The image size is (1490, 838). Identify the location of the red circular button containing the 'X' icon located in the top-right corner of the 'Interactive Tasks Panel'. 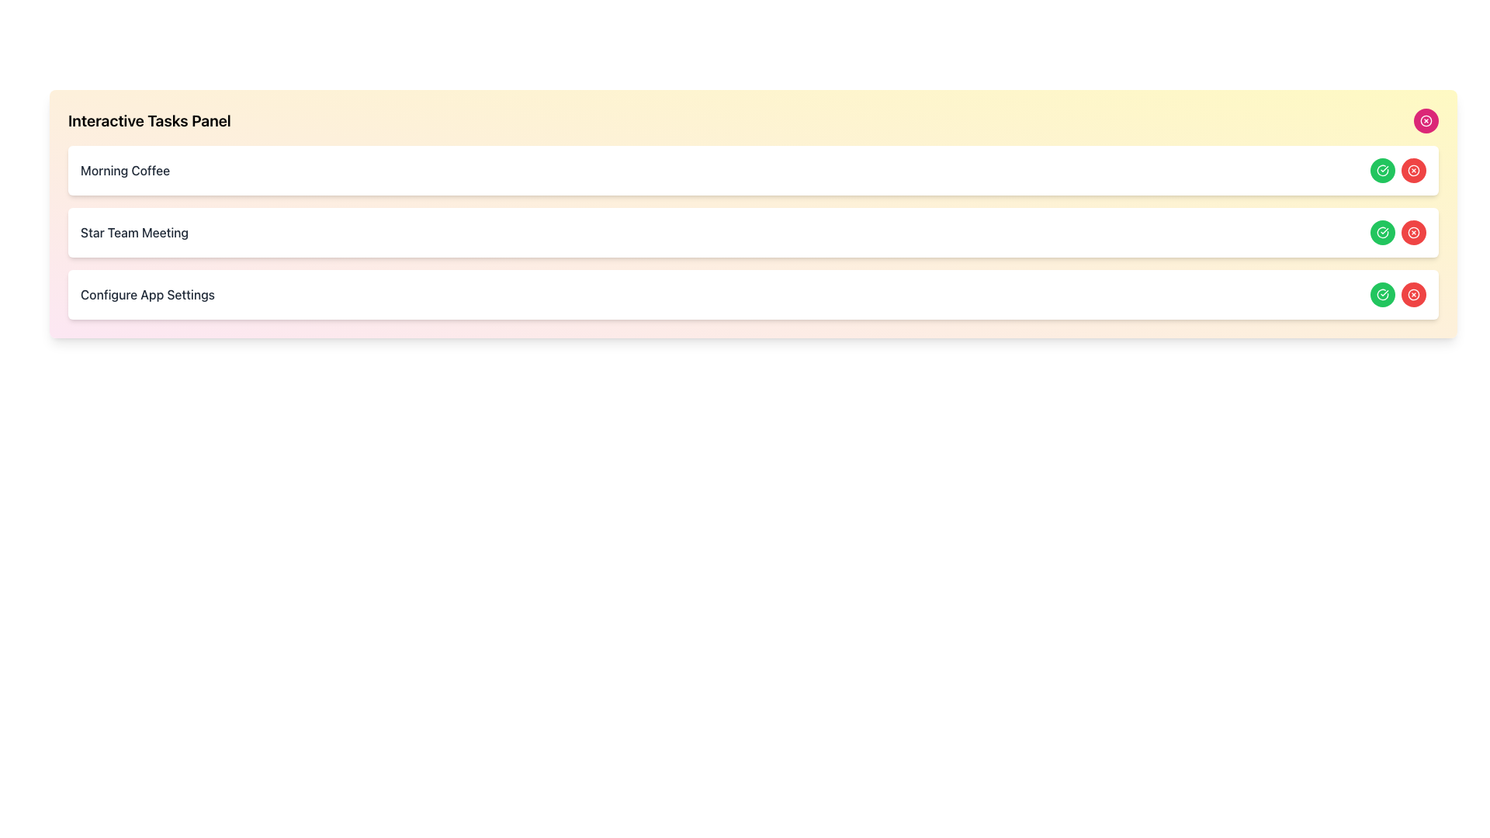
(1414, 295).